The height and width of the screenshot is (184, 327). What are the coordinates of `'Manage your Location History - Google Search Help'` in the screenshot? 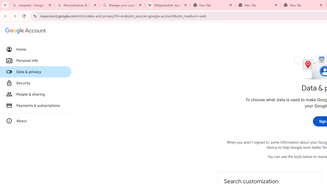 It's located at (122, 5).